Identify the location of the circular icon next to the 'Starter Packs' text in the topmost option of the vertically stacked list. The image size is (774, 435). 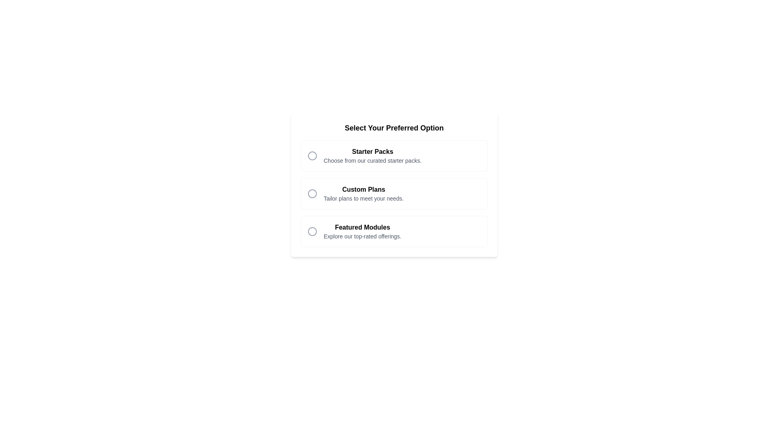
(312, 155).